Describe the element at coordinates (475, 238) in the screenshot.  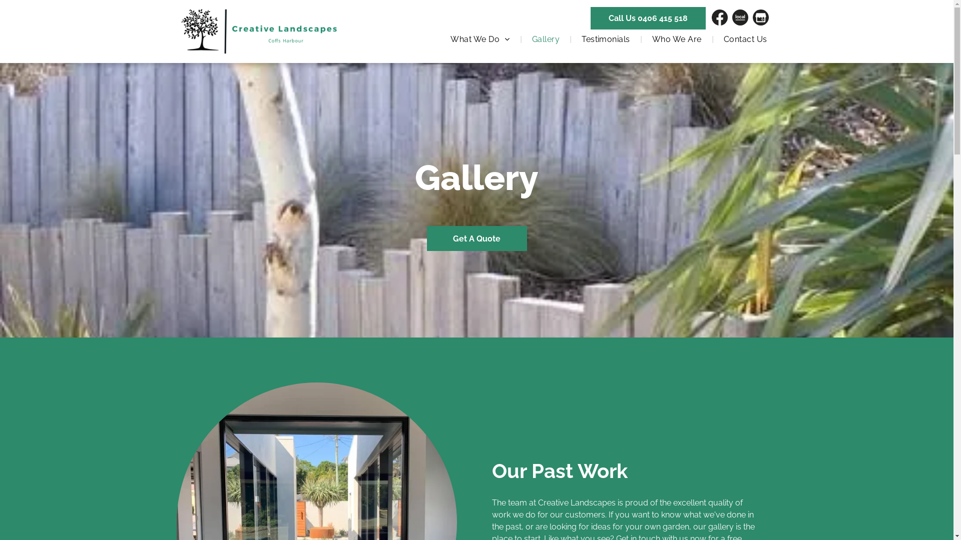
I see `'Get A Quote'` at that location.